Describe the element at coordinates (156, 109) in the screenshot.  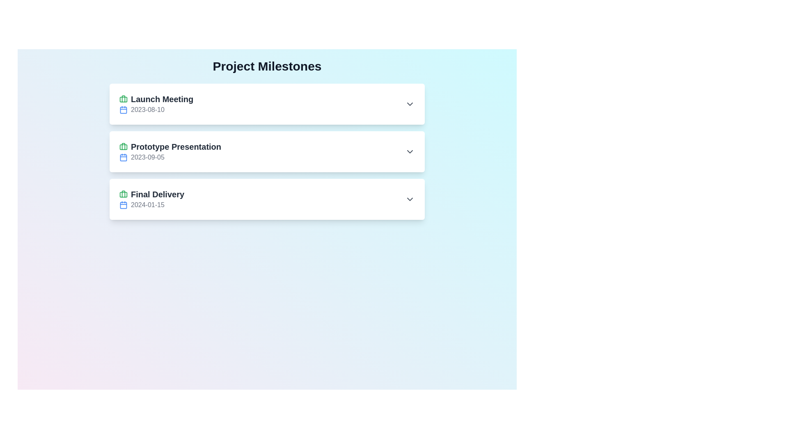
I see `the text label '2023-08-10' next to the calendar icon, which is located beneath the 'Launch Meeting' header in the first milestone entry under 'Project Milestones'` at that location.